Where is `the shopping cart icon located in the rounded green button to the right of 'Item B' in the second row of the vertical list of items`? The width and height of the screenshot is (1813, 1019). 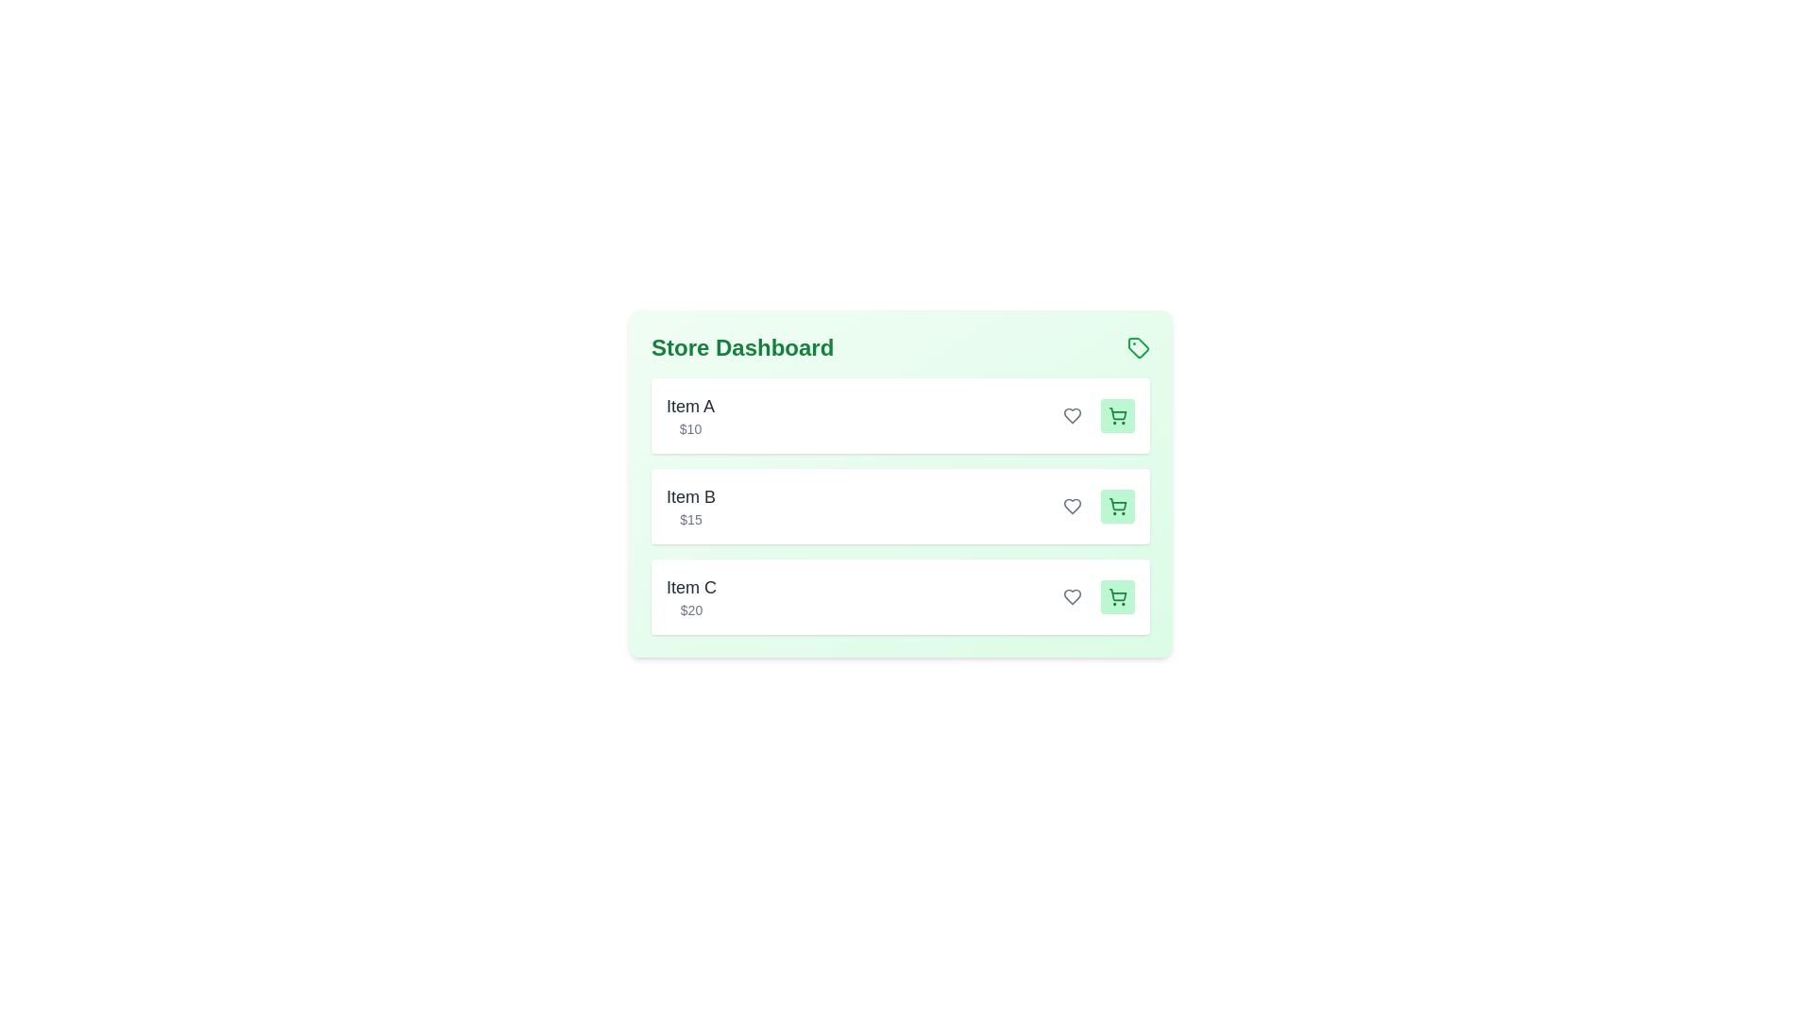 the shopping cart icon located in the rounded green button to the right of 'Item B' in the second row of the vertical list of items is located at coordinates (1118, 505).